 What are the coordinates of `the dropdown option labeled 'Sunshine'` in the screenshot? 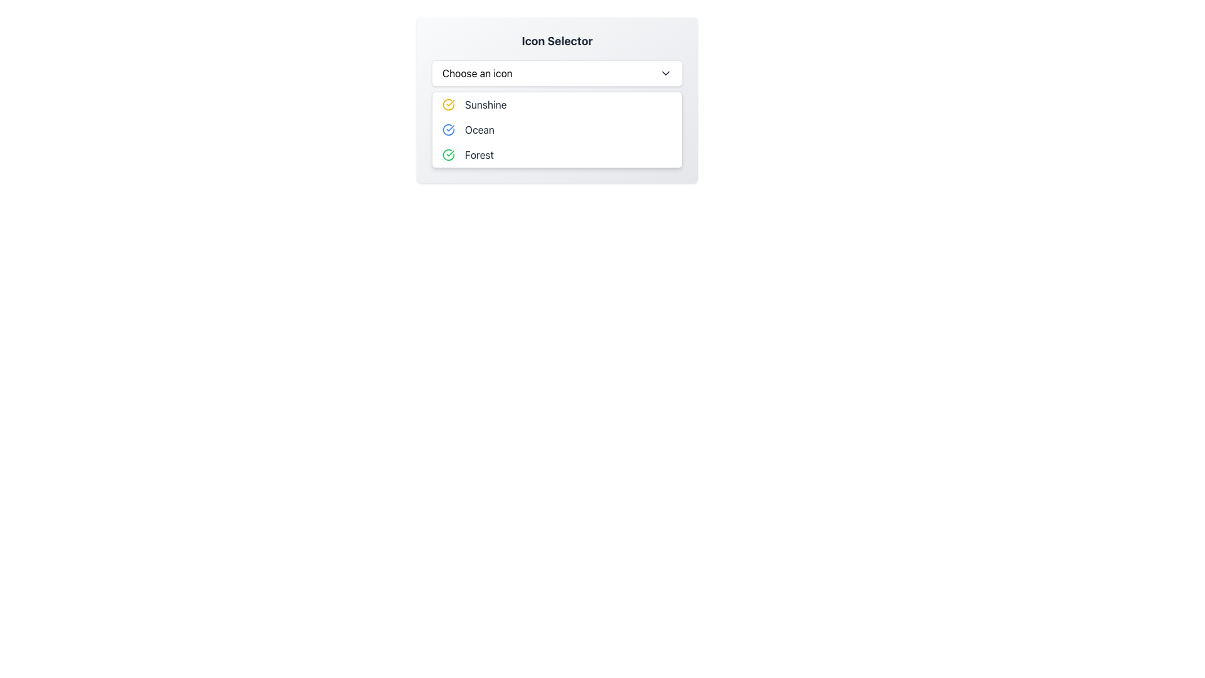 It's located at (557, 99).